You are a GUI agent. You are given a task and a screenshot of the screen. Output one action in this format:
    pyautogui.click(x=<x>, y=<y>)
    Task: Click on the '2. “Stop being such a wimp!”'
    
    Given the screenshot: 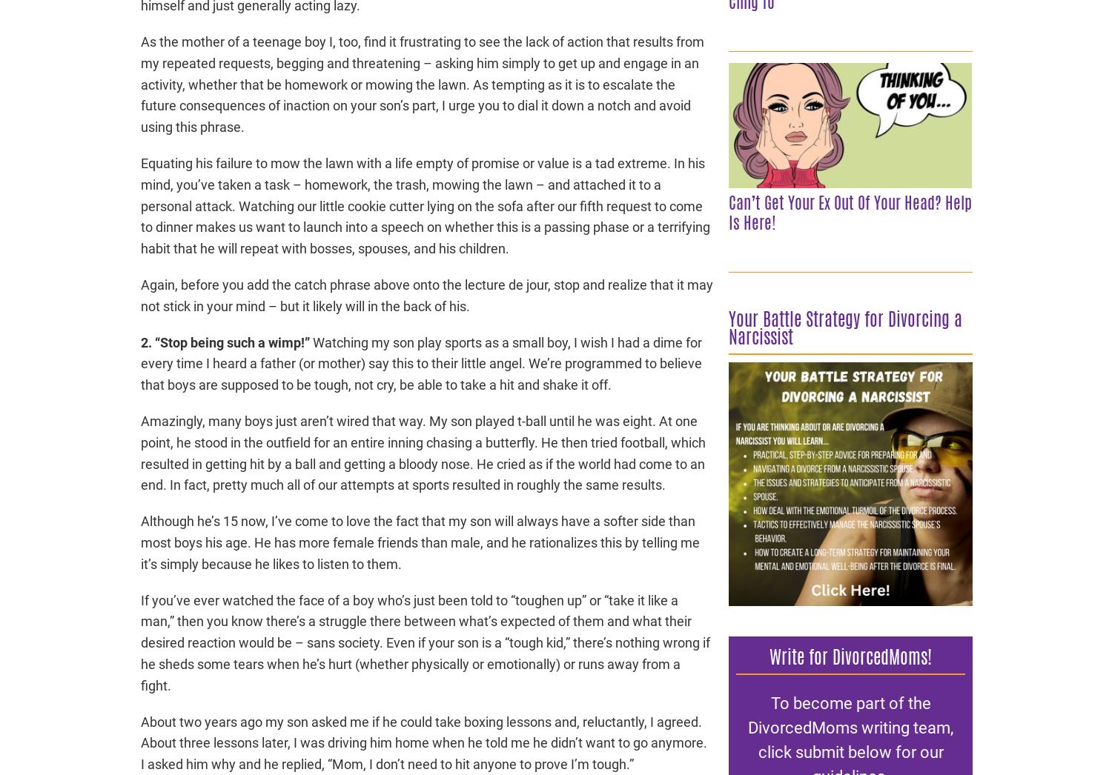 What is the action you would take?
    pyautogui.click(x=225, y=341)
    